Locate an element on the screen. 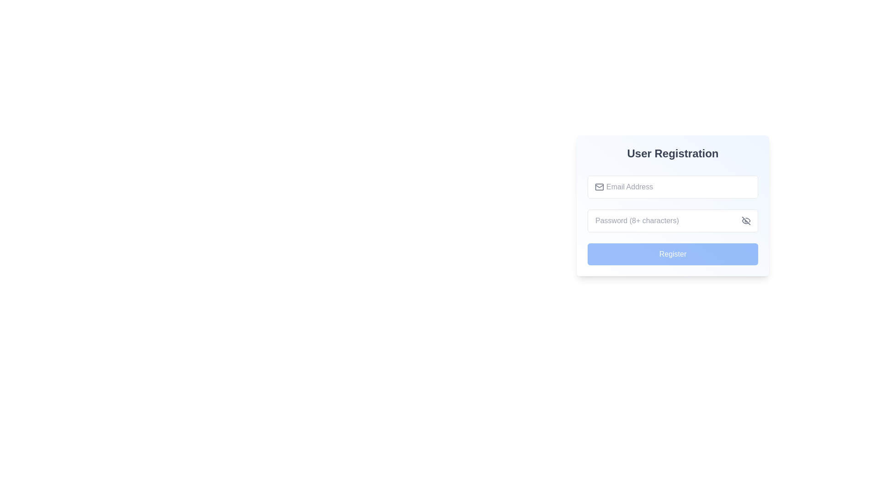 The height and width of the screenshot is (494, 878). the Header text element that indicates the purpose of the user registration section, located at the top of the vertically aligned list within the card-like UI module is located at coordinates (673, 153).